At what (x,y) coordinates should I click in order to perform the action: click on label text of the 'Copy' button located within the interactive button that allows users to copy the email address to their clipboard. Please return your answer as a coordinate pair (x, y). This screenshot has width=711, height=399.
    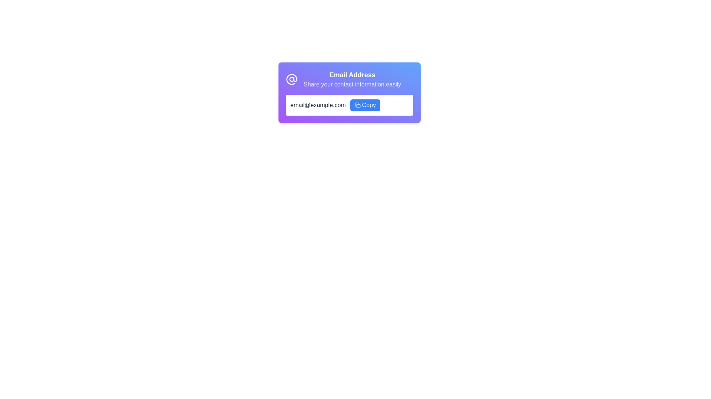
    Looking at the image, I should click on (365, 105).